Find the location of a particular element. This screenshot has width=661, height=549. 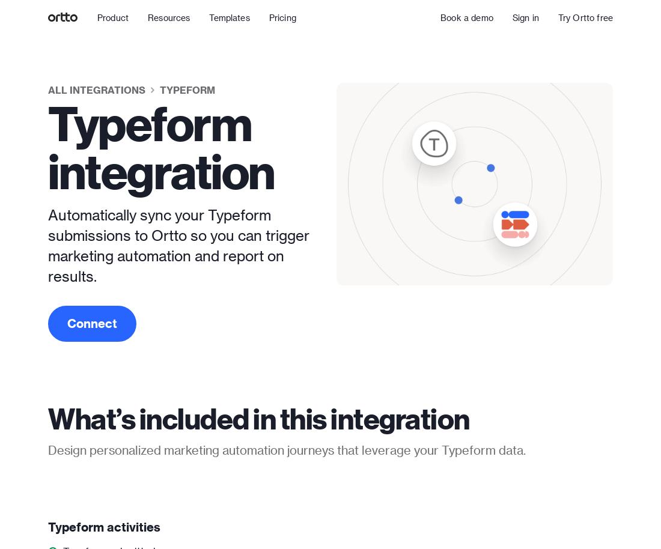

'All Integrations' is located at coordinates (96, 89).